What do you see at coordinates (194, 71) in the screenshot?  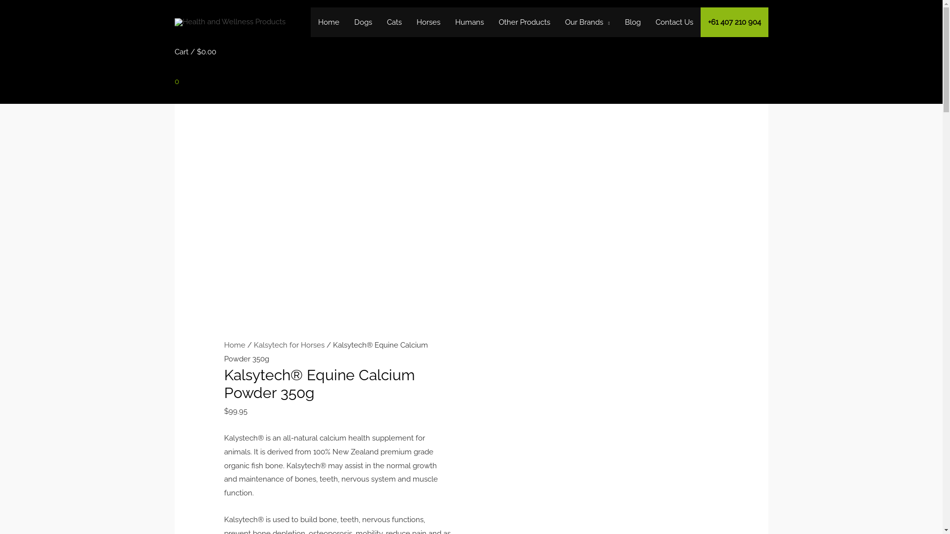 I see `'Cart / $0.00` at bounding box center [194, 71].